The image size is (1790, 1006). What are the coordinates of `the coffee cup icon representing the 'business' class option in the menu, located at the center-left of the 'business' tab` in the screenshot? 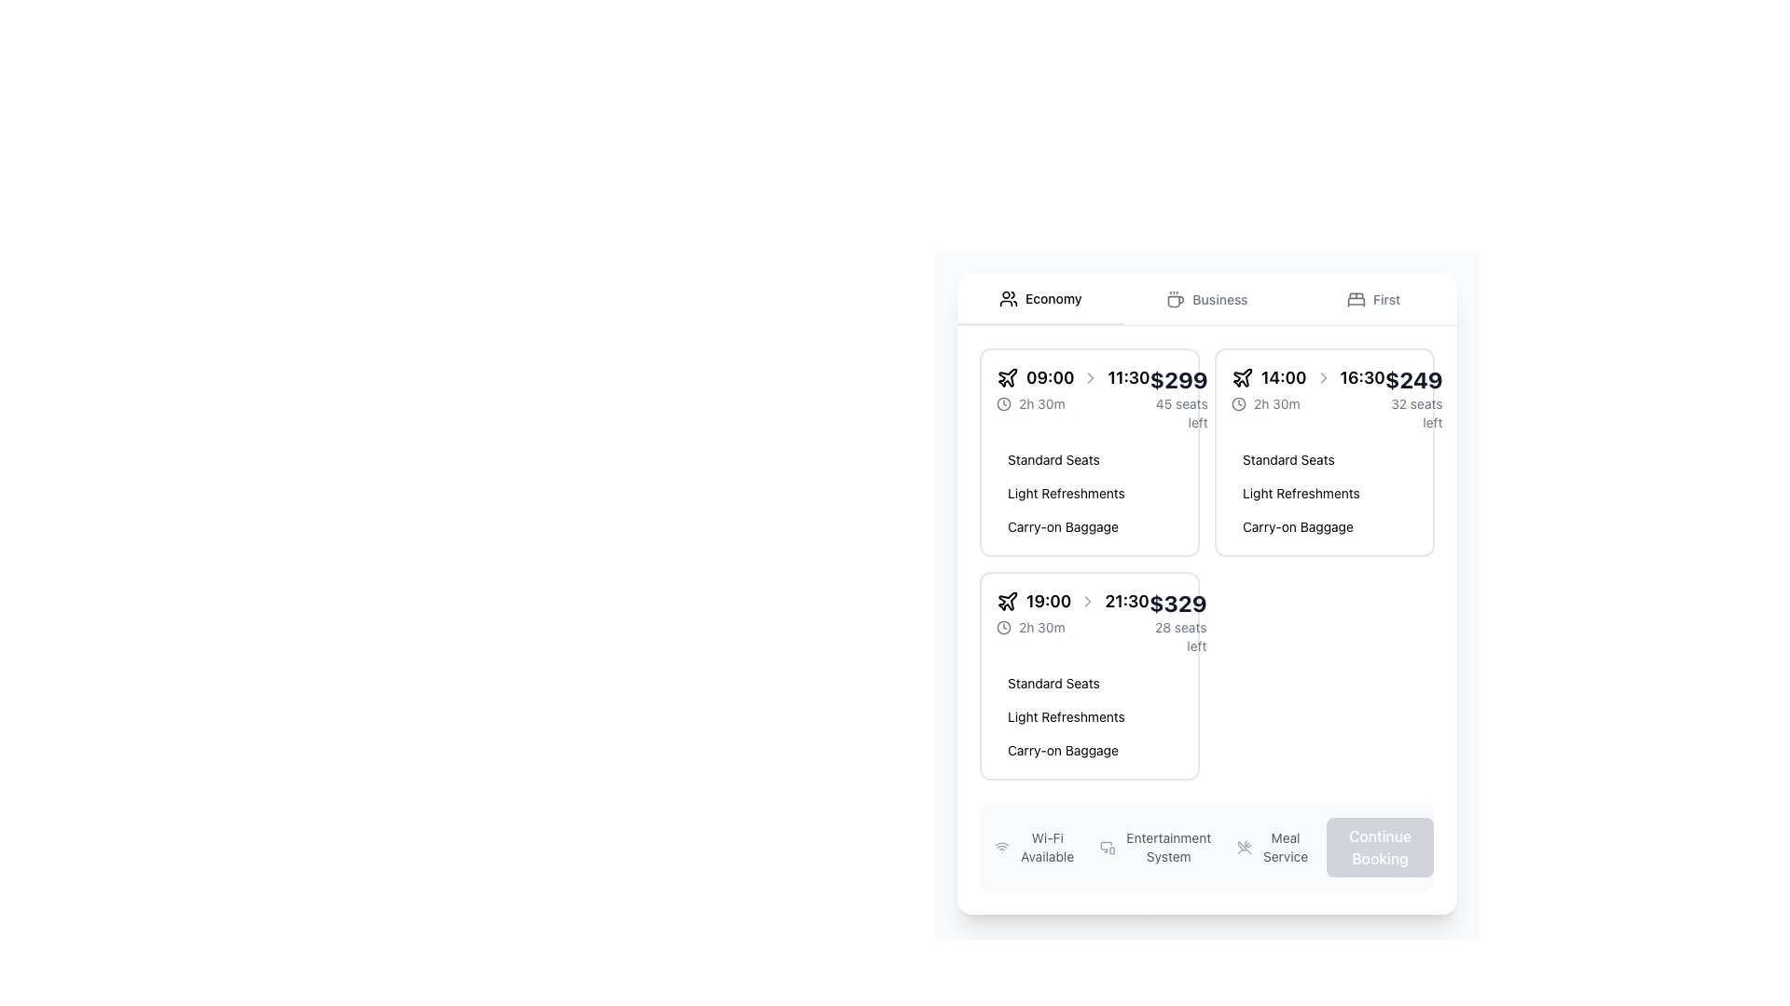 It's located at (1175, 298).